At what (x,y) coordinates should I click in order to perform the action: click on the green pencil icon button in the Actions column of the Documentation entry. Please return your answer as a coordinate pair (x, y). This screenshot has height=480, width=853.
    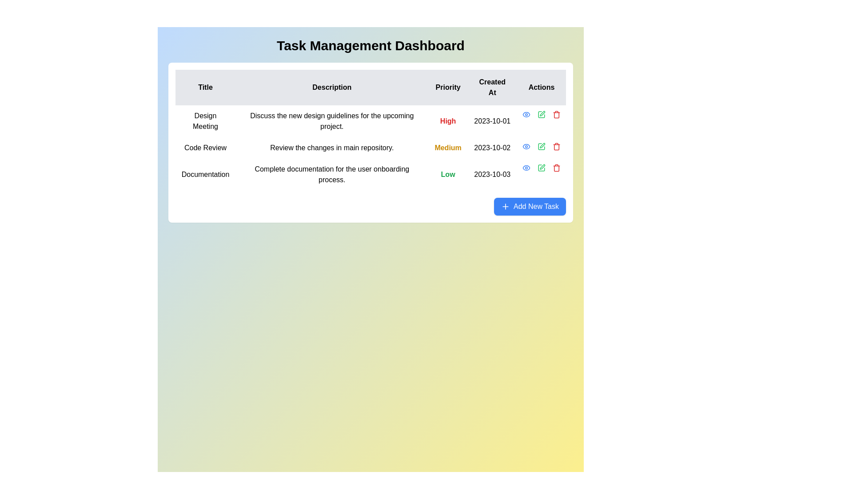
    Looking at the image, I should click on (541, 168).